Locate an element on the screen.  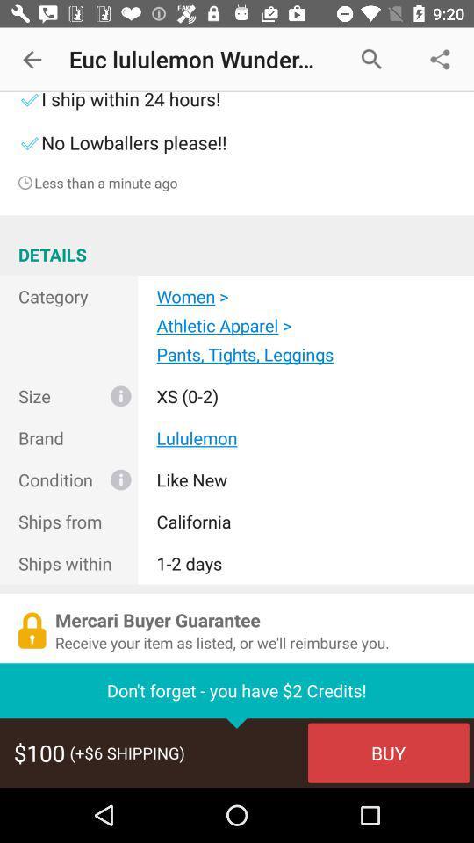
the info icon is located at coordinates (119, 396).